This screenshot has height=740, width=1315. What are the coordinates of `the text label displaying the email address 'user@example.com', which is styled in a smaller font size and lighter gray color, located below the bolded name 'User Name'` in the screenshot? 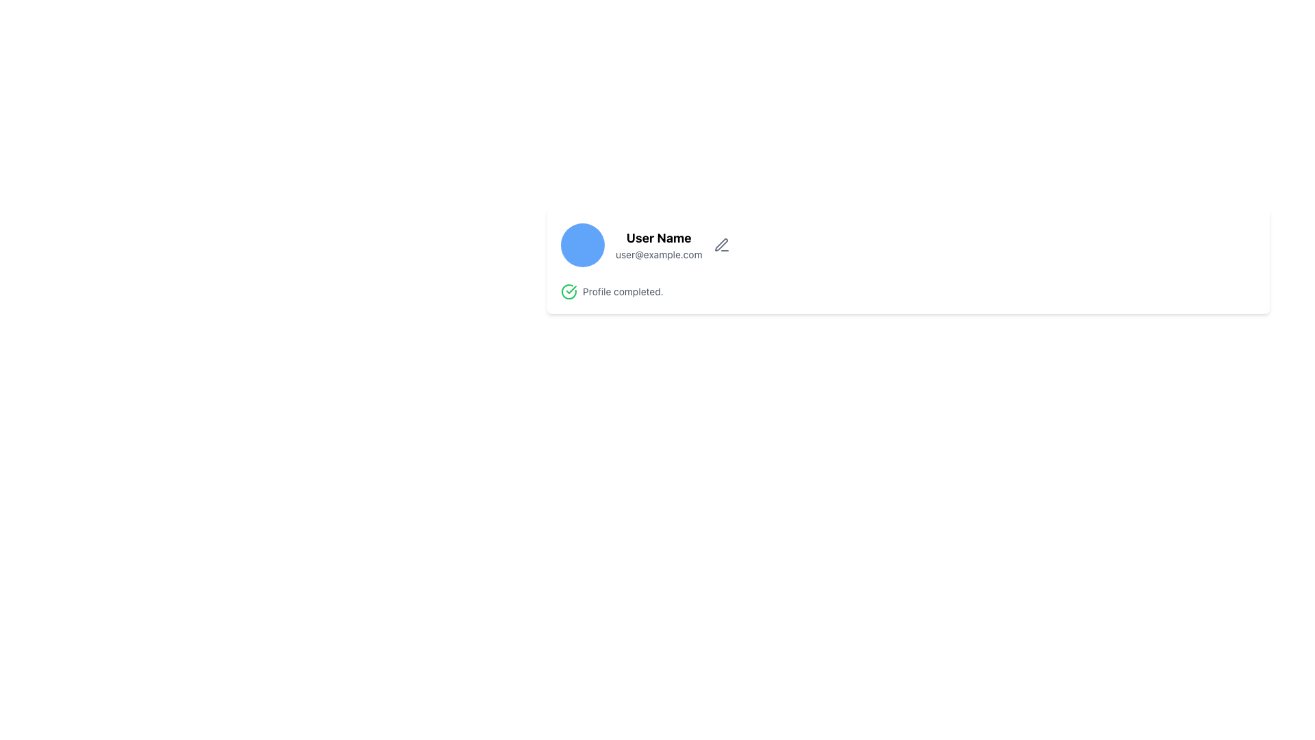 It's located at (659, 254).